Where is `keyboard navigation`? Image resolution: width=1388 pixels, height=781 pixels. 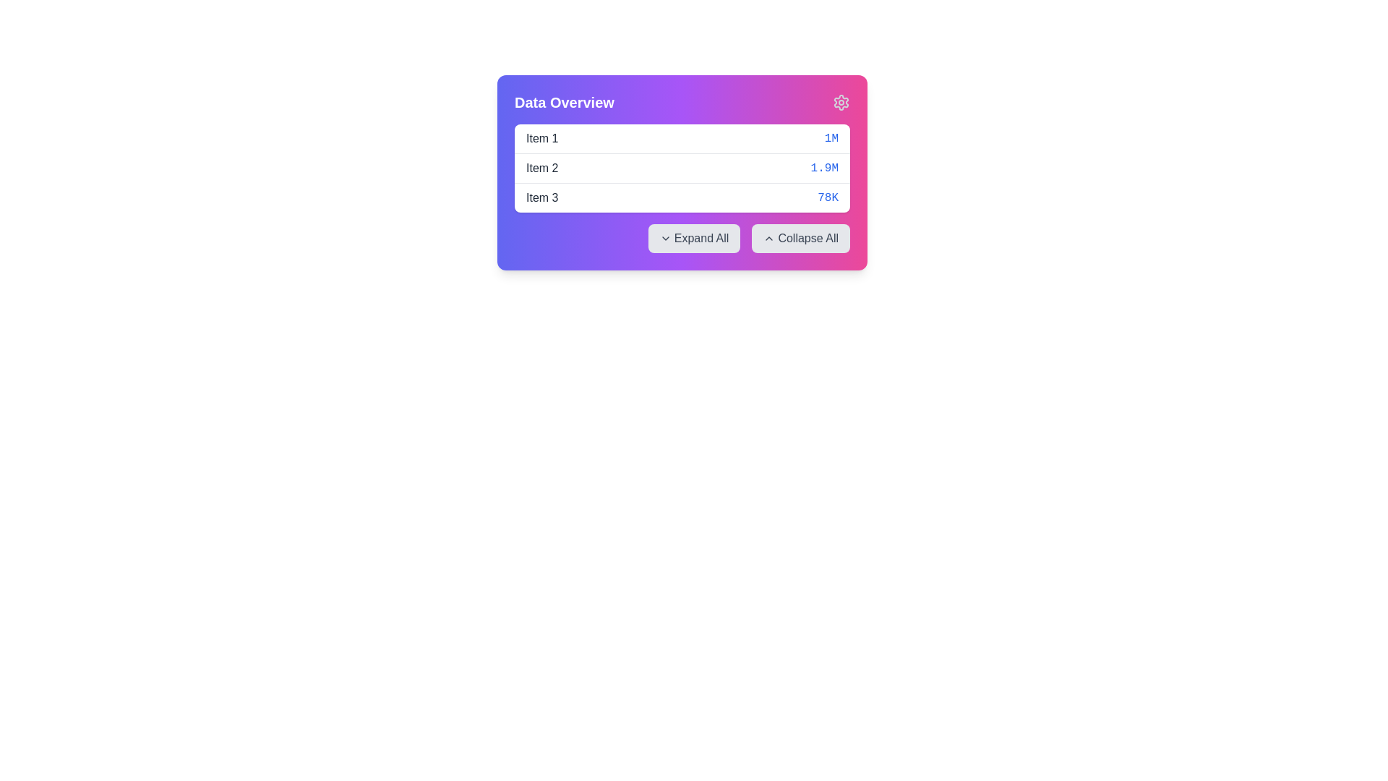
keyboard navigation is located at coordinates (664, 238).